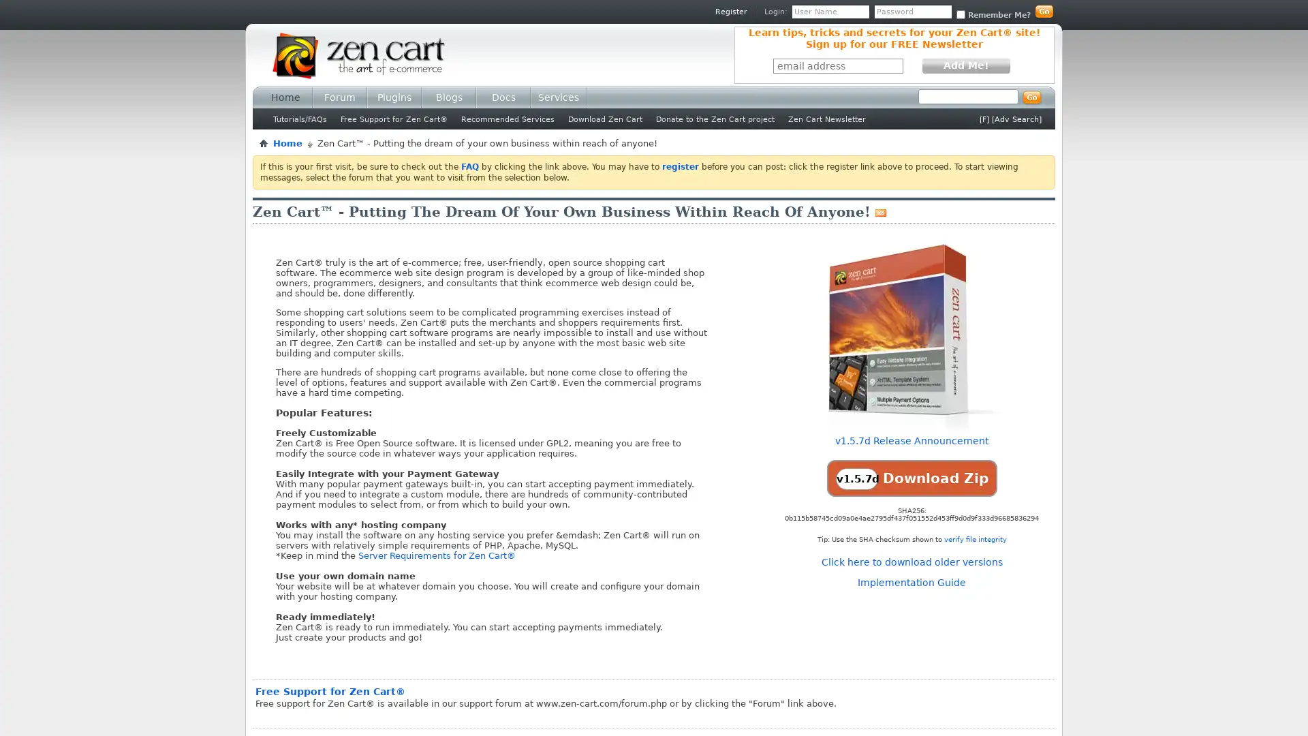 The height and width of the screenshot is (736, 1308). I want to click on Log in, so click(1043, 12).